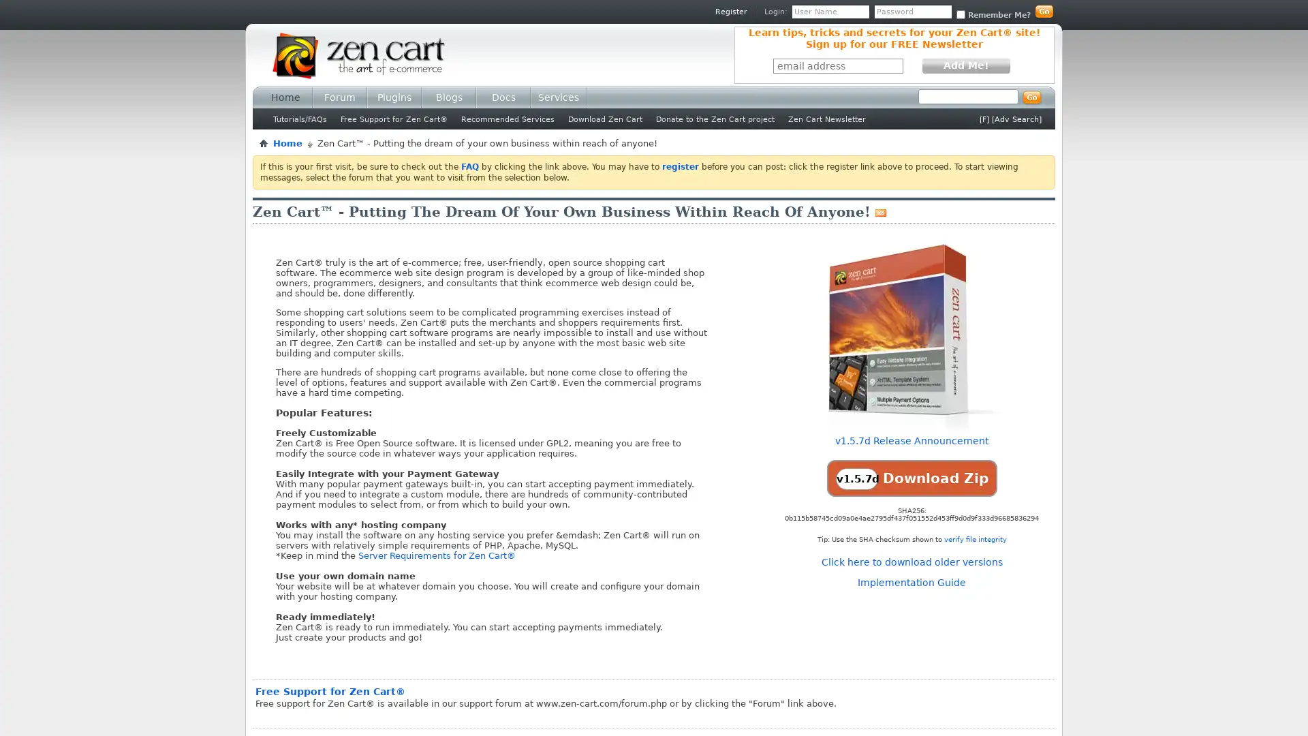 The height and width of the screenshot is (736, 1308). I want to click on Log in, so click(1043, 12).